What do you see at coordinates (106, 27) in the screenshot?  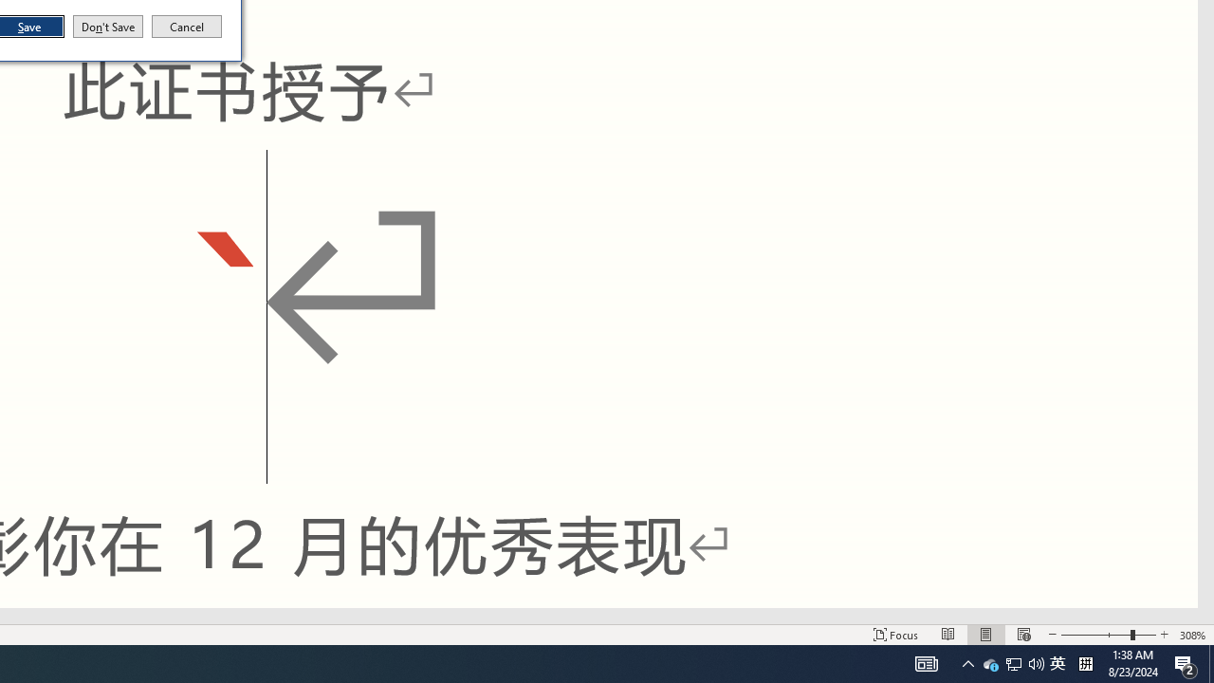 I see `'Don'` at bounding box center [106, 27].